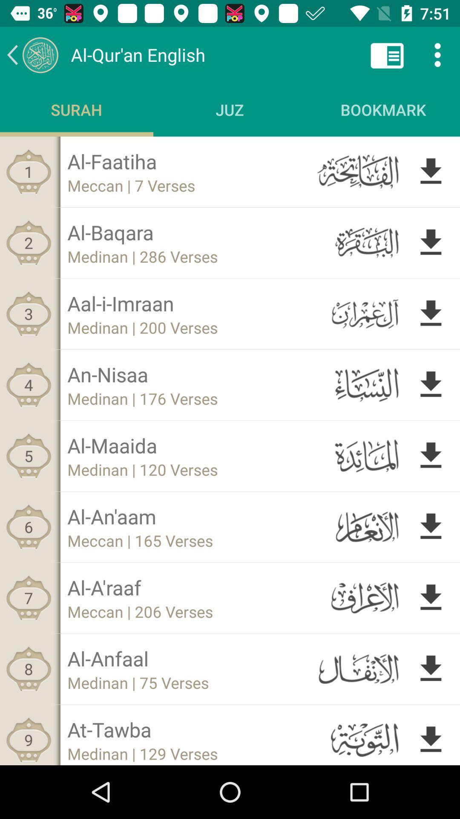 This screenshot has width=460, height=819. Describe the element at coordinates (431, 597) in the screenshot. I see `download option` at that location.